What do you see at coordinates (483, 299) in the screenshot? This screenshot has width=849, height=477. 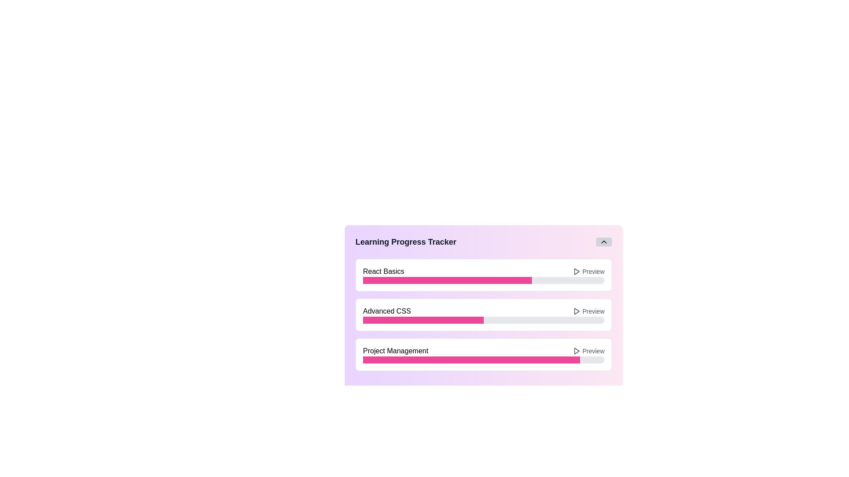 I see `the progress bar for the module 'Advanced CSS', which is the second item in a list of progress trackers` at bounding box center [483, 299].